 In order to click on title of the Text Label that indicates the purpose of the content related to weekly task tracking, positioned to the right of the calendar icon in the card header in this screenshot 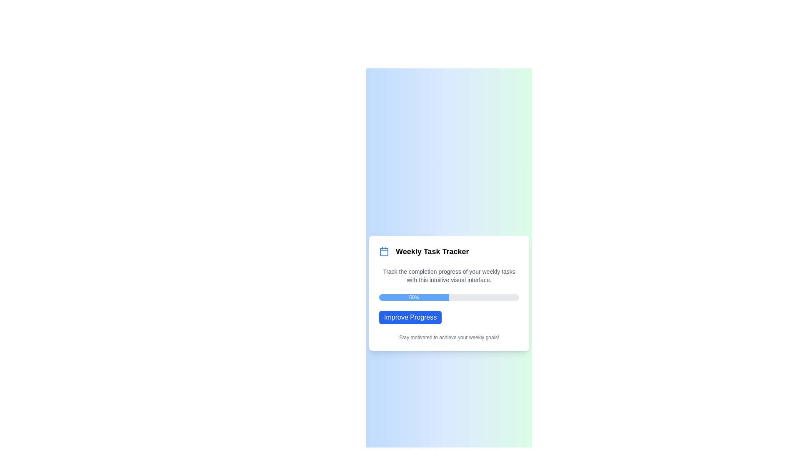, I will do `click(432, 251)`.